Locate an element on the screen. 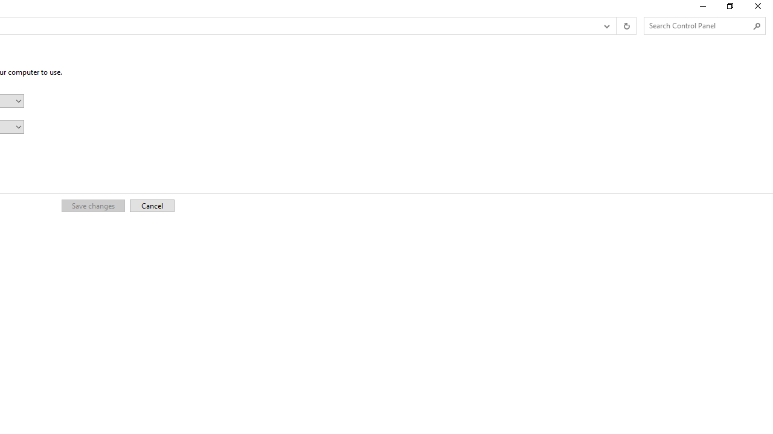  'Search' is located at coordinates (756, 26).